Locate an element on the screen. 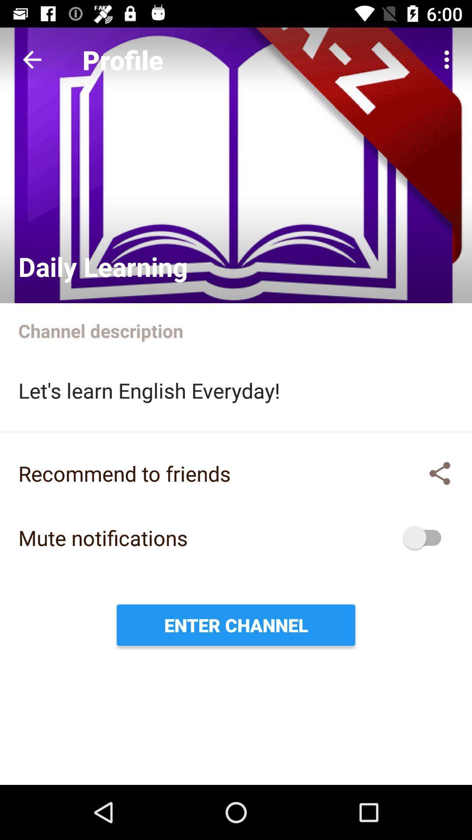 This screenshot has width=472, height=840. go back is located at coordinates (31, 59).